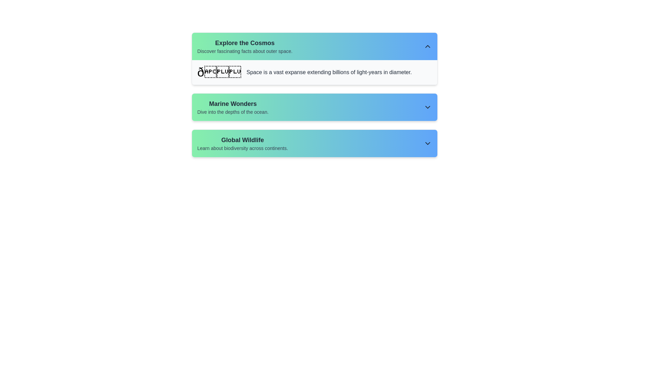 The height and width of the screenshot is (369, 656). Describe the element at coordinates (245, 43) in the screenshot. I see `the bold text element that says 'Explore the Cosmos', which is prominently displayed at the top-left section of its card component` at that location.